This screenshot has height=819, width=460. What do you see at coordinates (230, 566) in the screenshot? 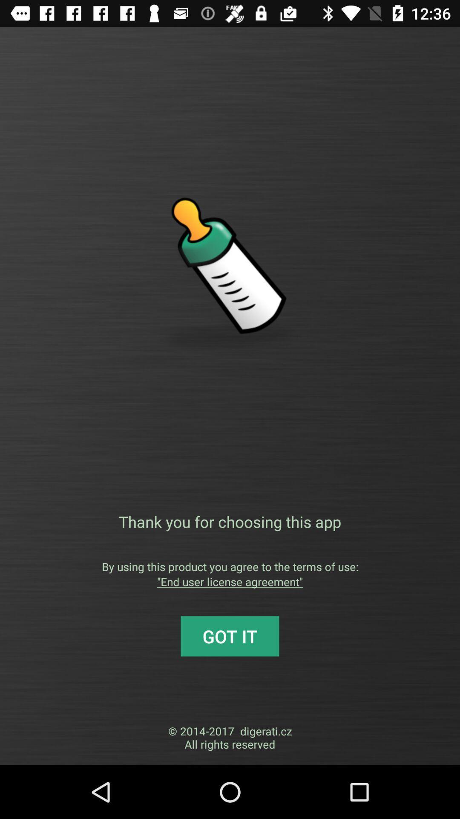
I see `the icon above end user license icon` at bounding box center [230, 566].